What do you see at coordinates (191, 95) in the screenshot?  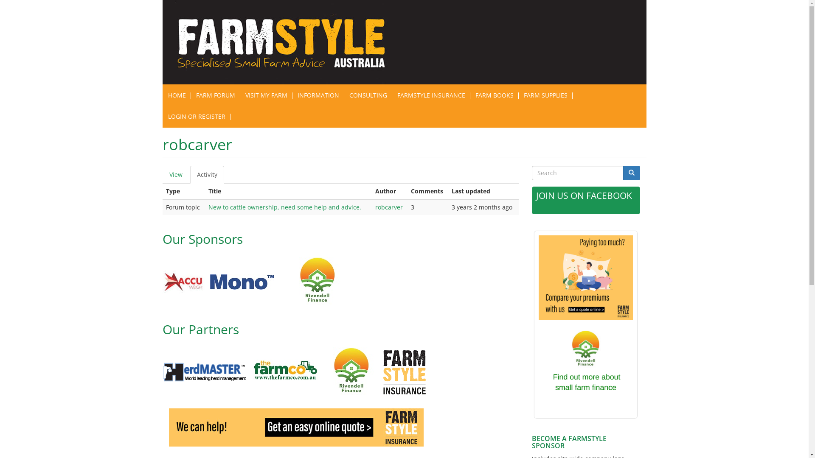 I see `'FARM FORUM'` at bounding box center [191, 95].